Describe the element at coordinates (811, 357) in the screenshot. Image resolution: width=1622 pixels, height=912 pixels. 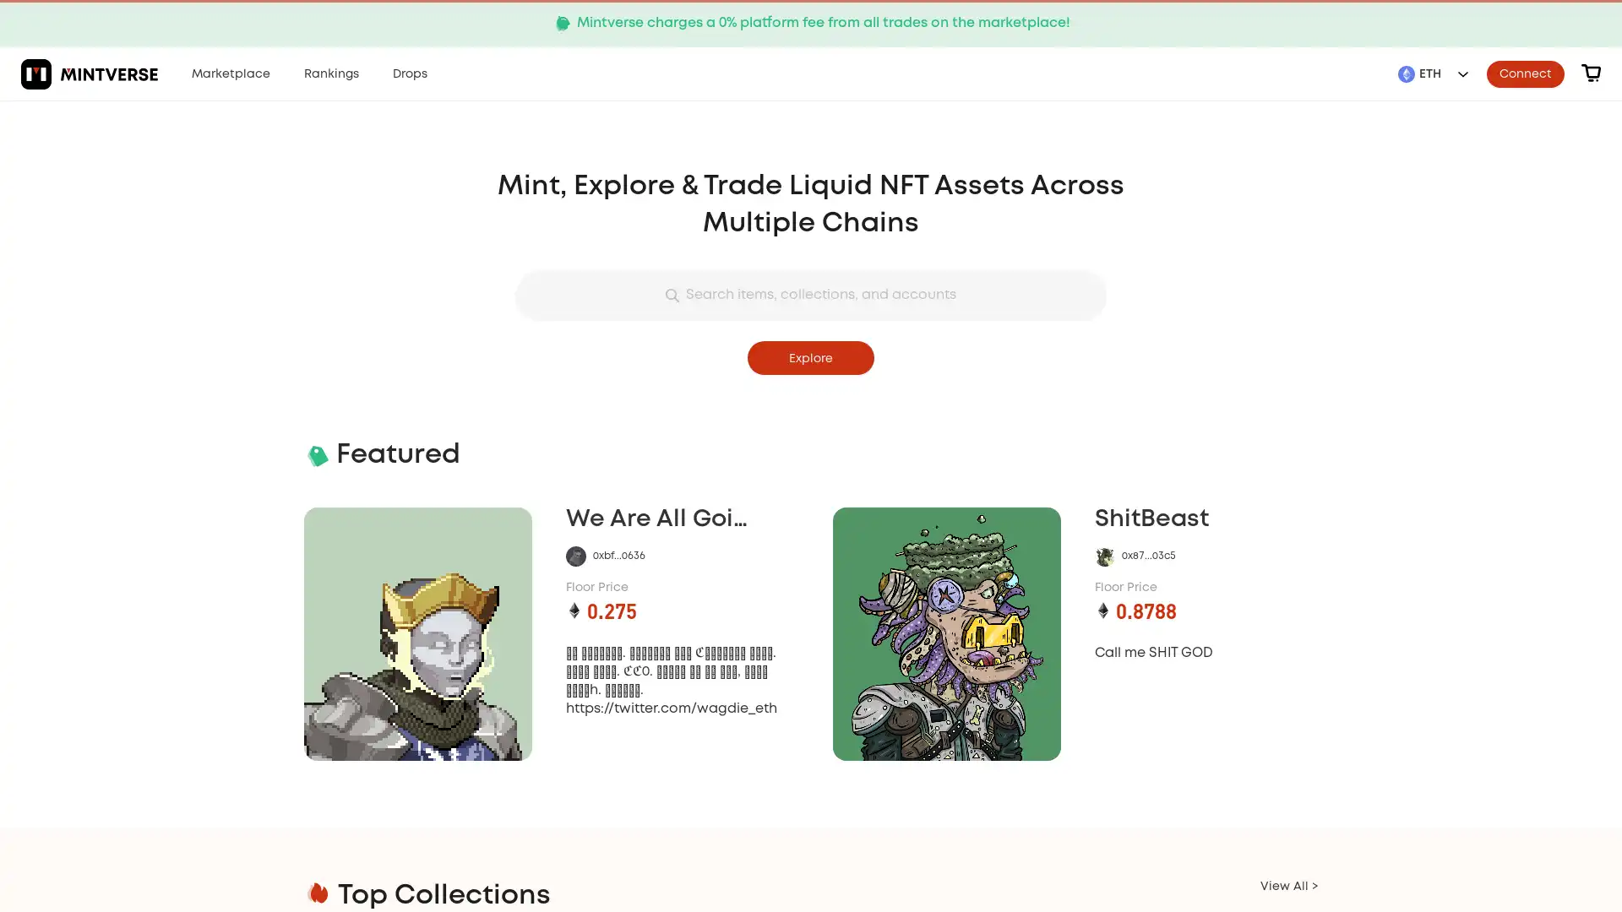
I see `Explore` at that location.